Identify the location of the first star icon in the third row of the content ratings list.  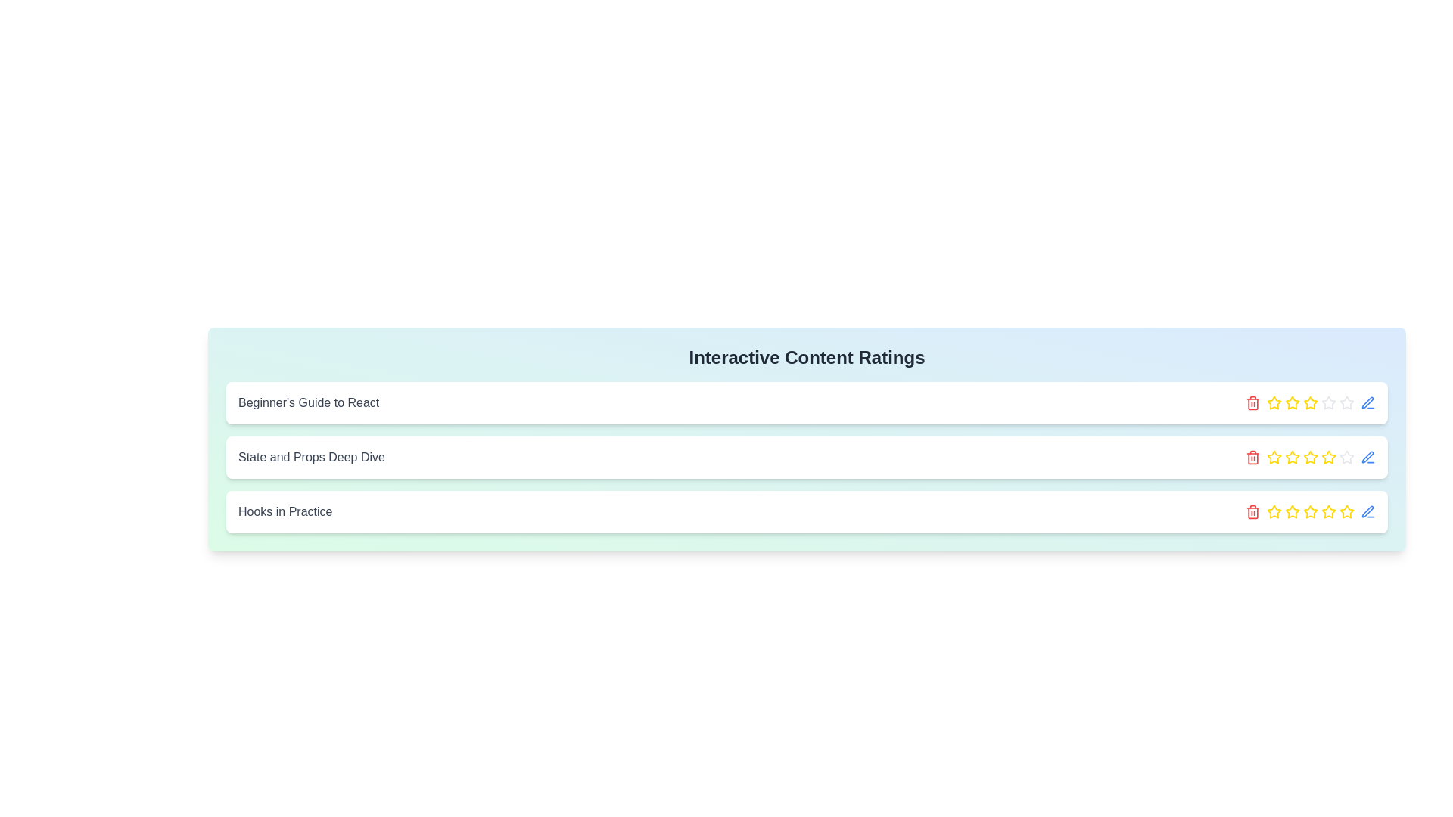
(1274, 457).